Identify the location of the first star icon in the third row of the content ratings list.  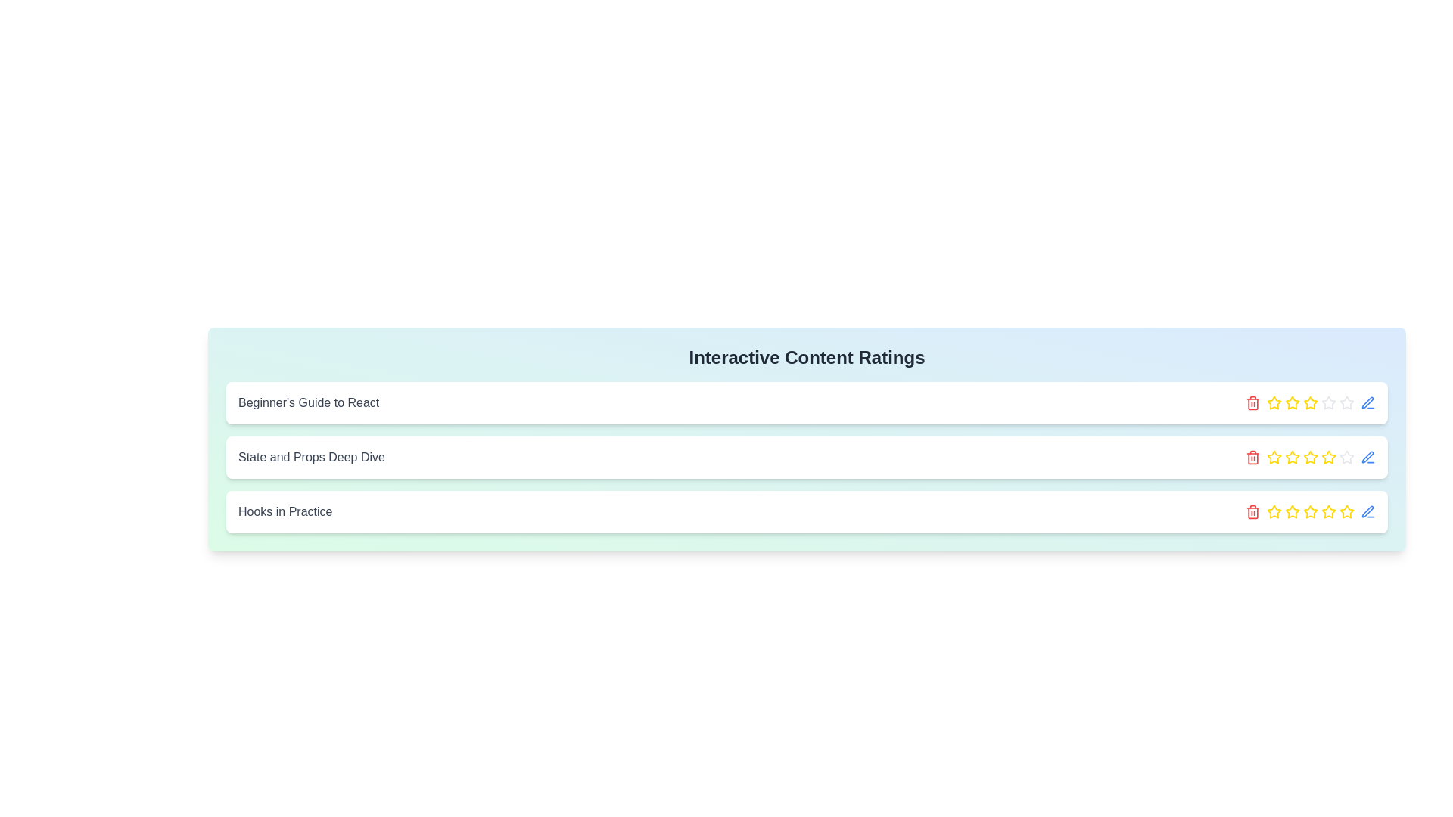
(1274, 457).